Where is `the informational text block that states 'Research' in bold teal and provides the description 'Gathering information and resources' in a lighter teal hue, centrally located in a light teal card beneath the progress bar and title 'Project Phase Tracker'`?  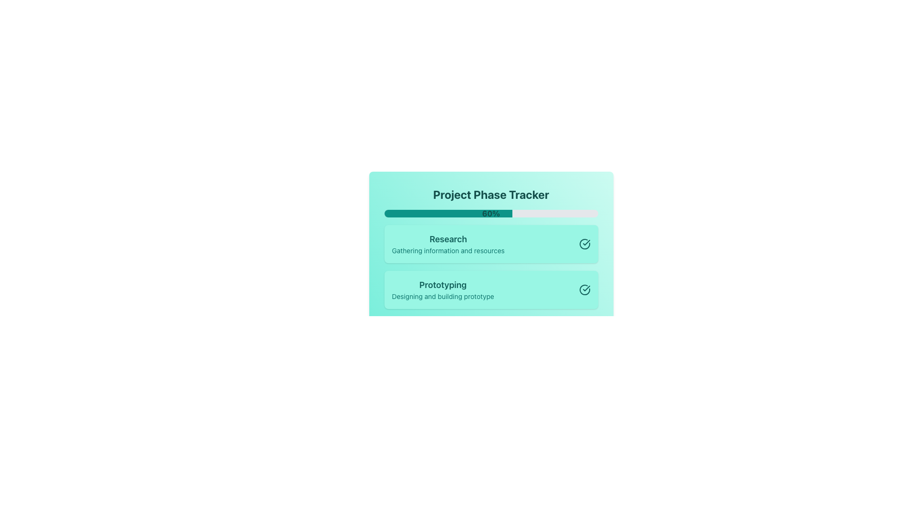
the informational text block that states 'Research' in bold teal and provides the description 'Gathering information and resources' in a lighter teal hue, centrally located in a light teal card beneath the progress bar and title 'Project Phase Tracker' is located at coordinates (448, 244).